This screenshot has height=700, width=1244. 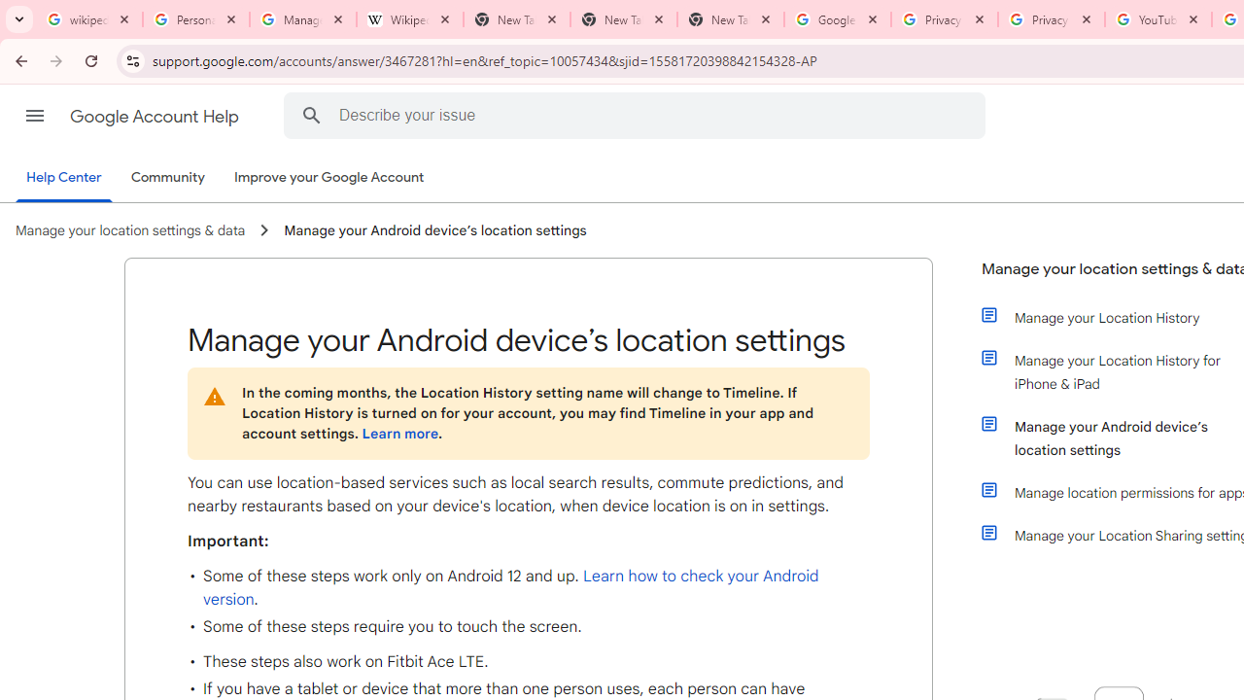 I want to click on 'New Tab', so click(x=624, y=19).